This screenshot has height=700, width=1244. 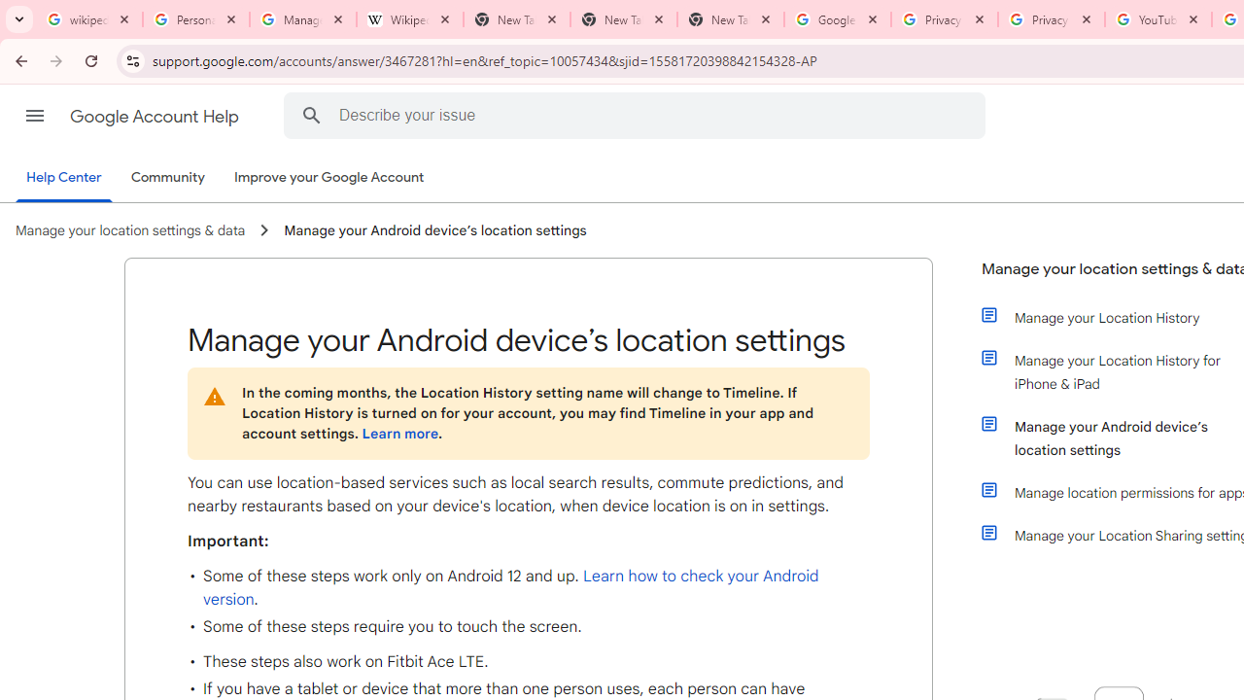 I want to click on 'New Tab', so click(x=624, y=19).